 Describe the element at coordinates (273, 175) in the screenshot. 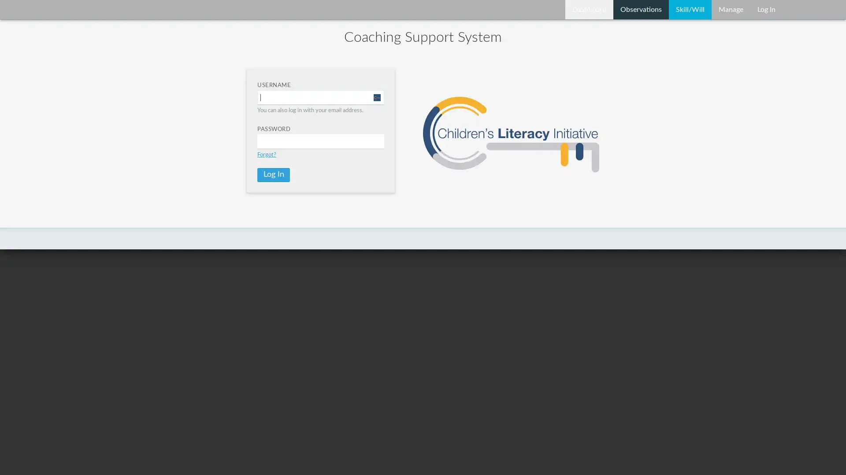

I see `Log In` at that location.